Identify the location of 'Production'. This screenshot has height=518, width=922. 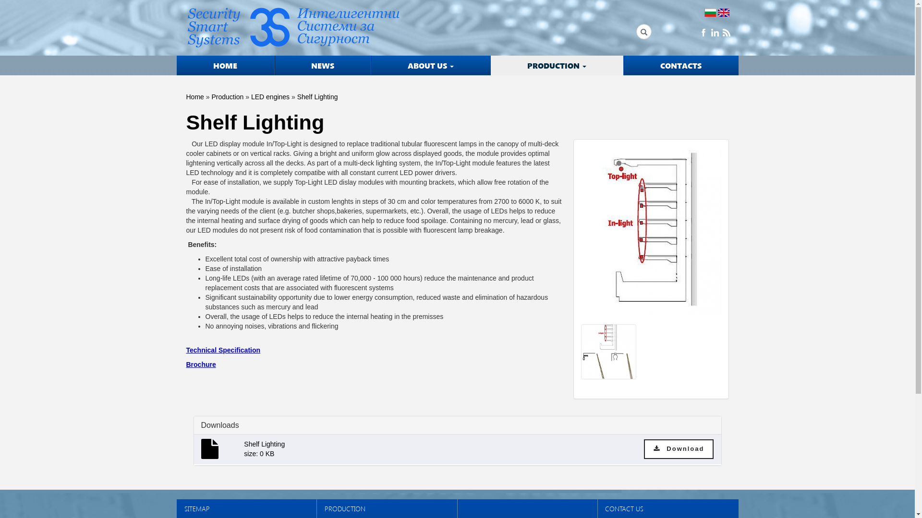
(227, 96).